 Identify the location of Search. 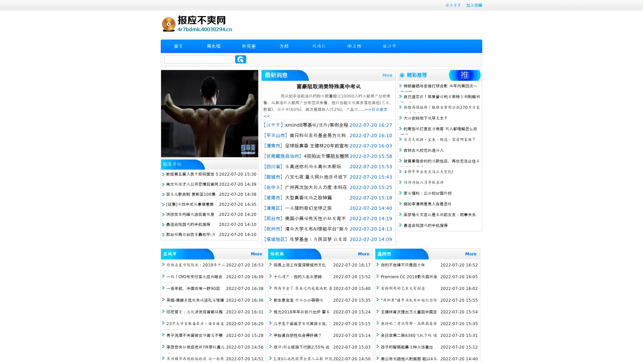
(240, 59).